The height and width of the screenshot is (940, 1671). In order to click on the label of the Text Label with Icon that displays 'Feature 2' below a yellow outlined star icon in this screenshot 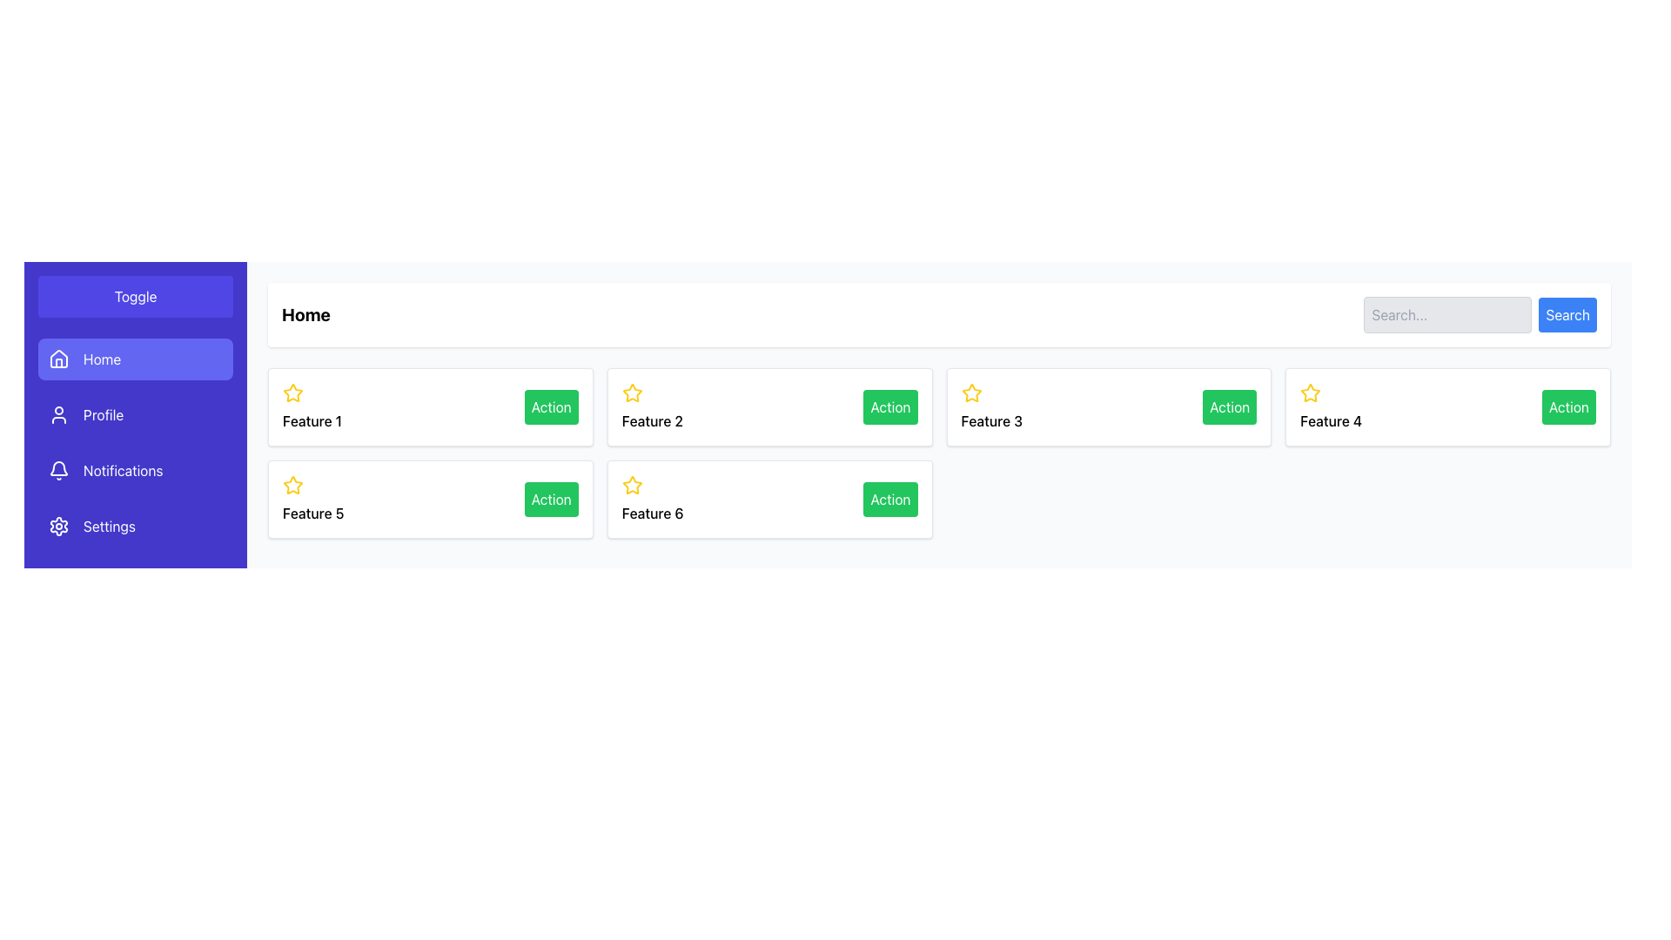, I will do `click(651, 406)`.